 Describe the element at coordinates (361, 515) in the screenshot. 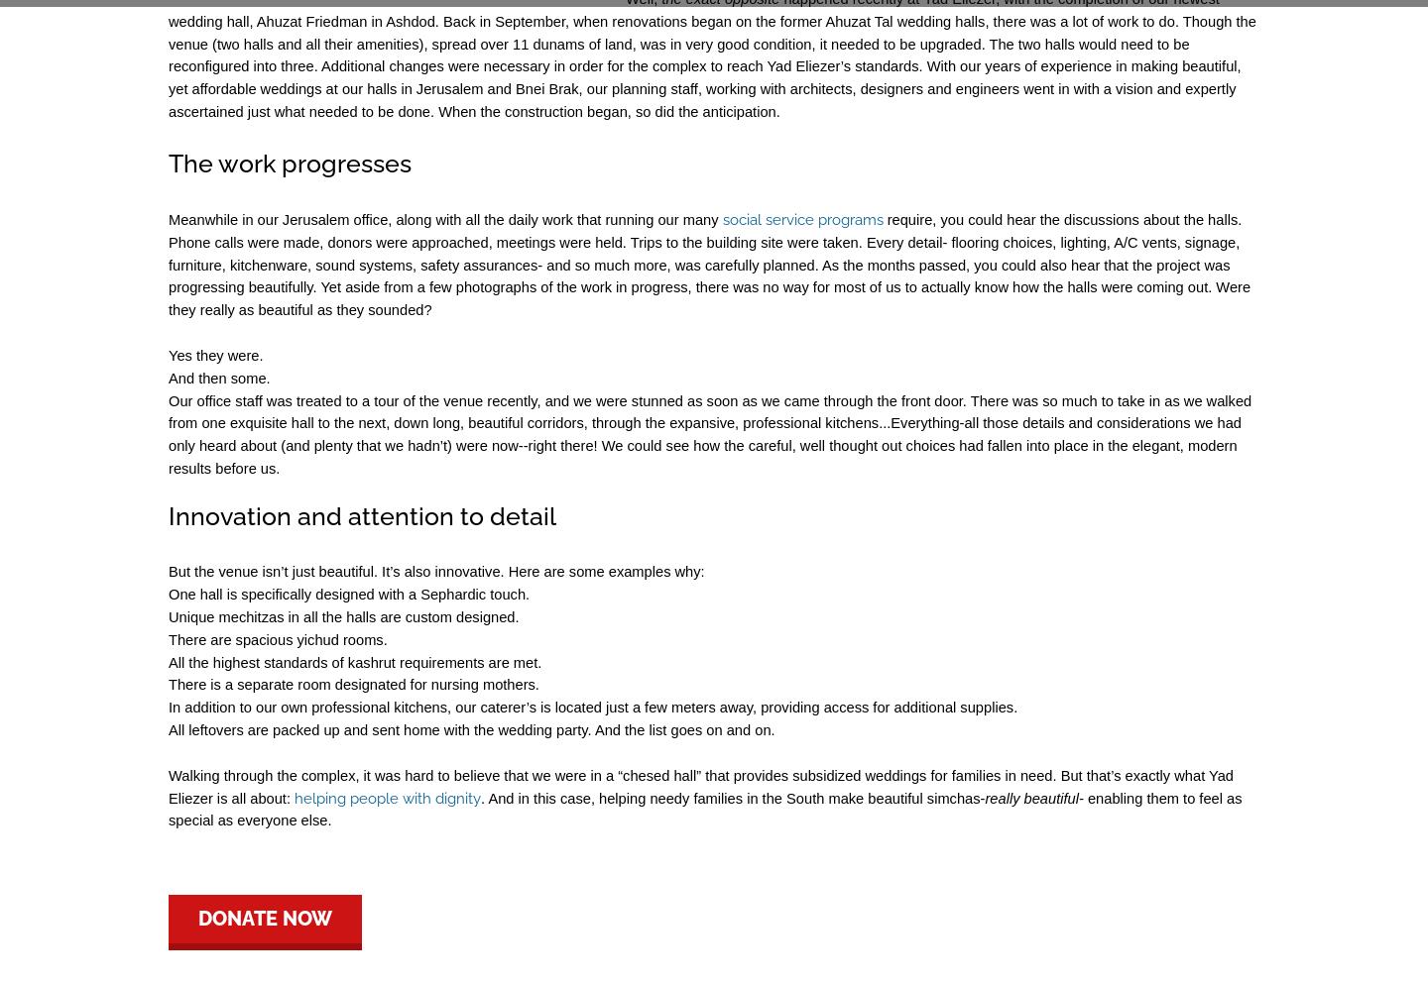

I see `'Innovation and attention to detail'` at that location.